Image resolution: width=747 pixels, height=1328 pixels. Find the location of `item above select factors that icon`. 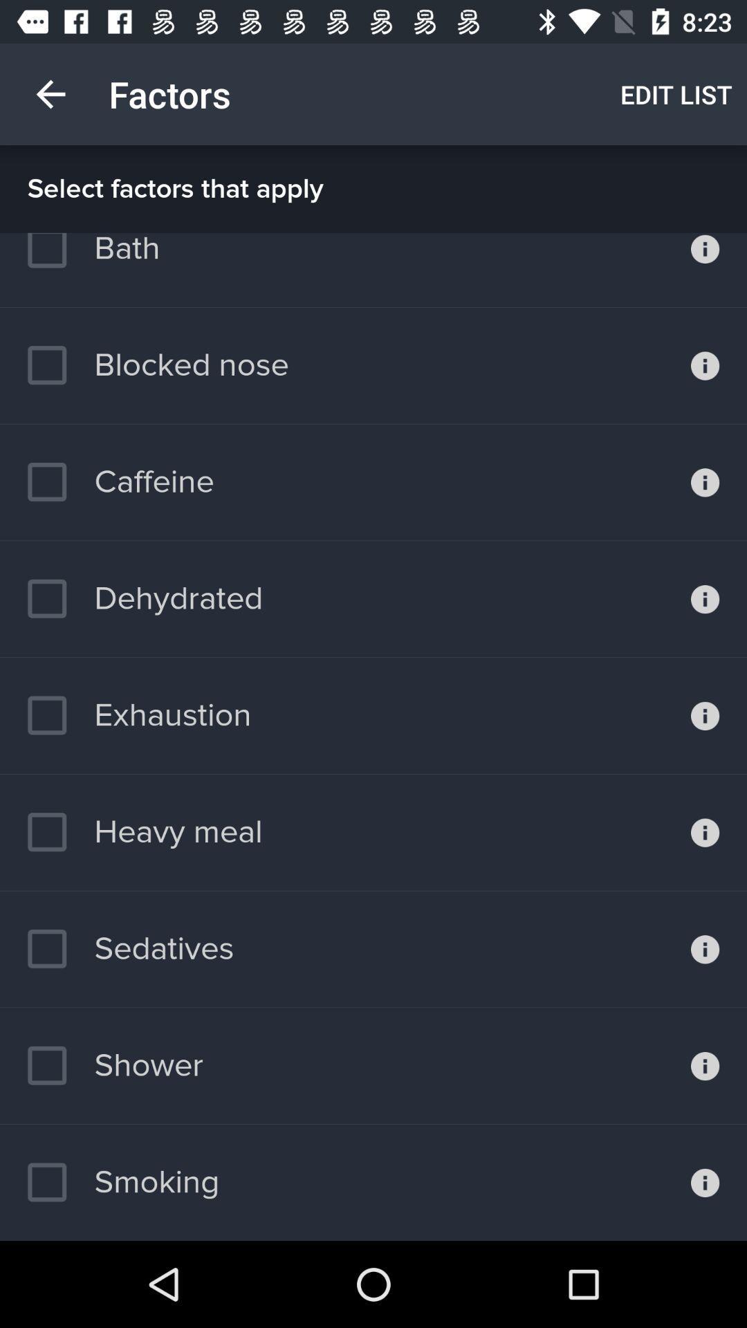

item above select factors that icon is located at coordinates (50, 93).